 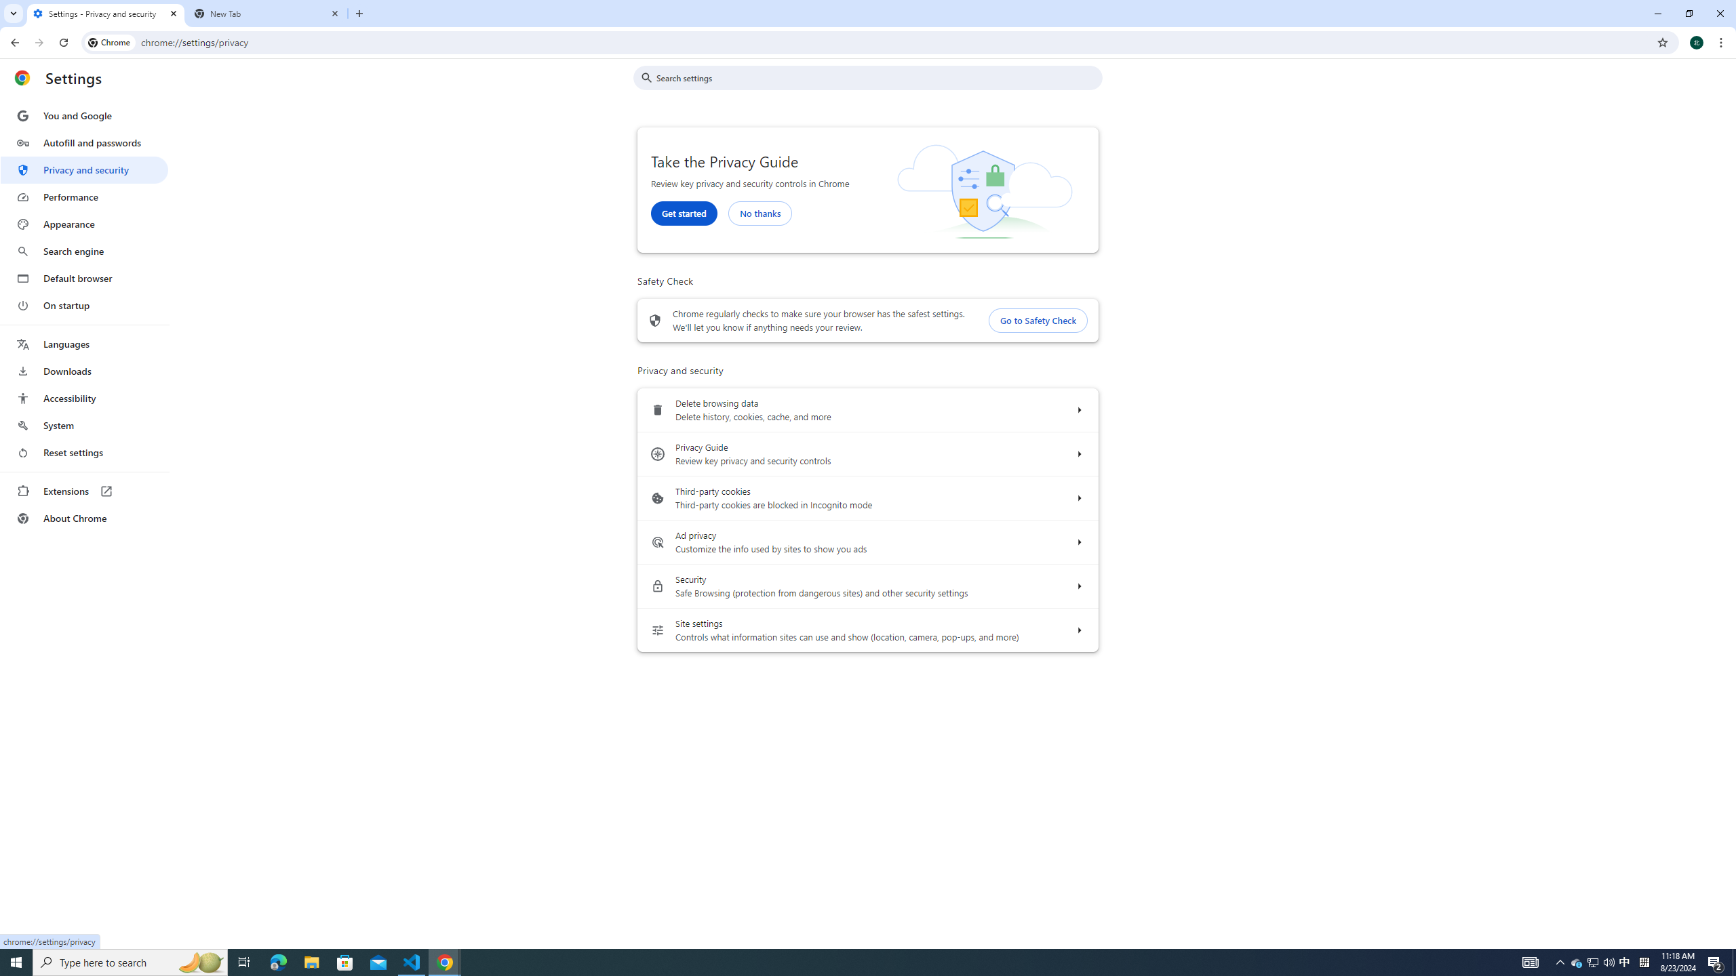 I want to click on 'Privacy and security', so click(x=83, y=169).